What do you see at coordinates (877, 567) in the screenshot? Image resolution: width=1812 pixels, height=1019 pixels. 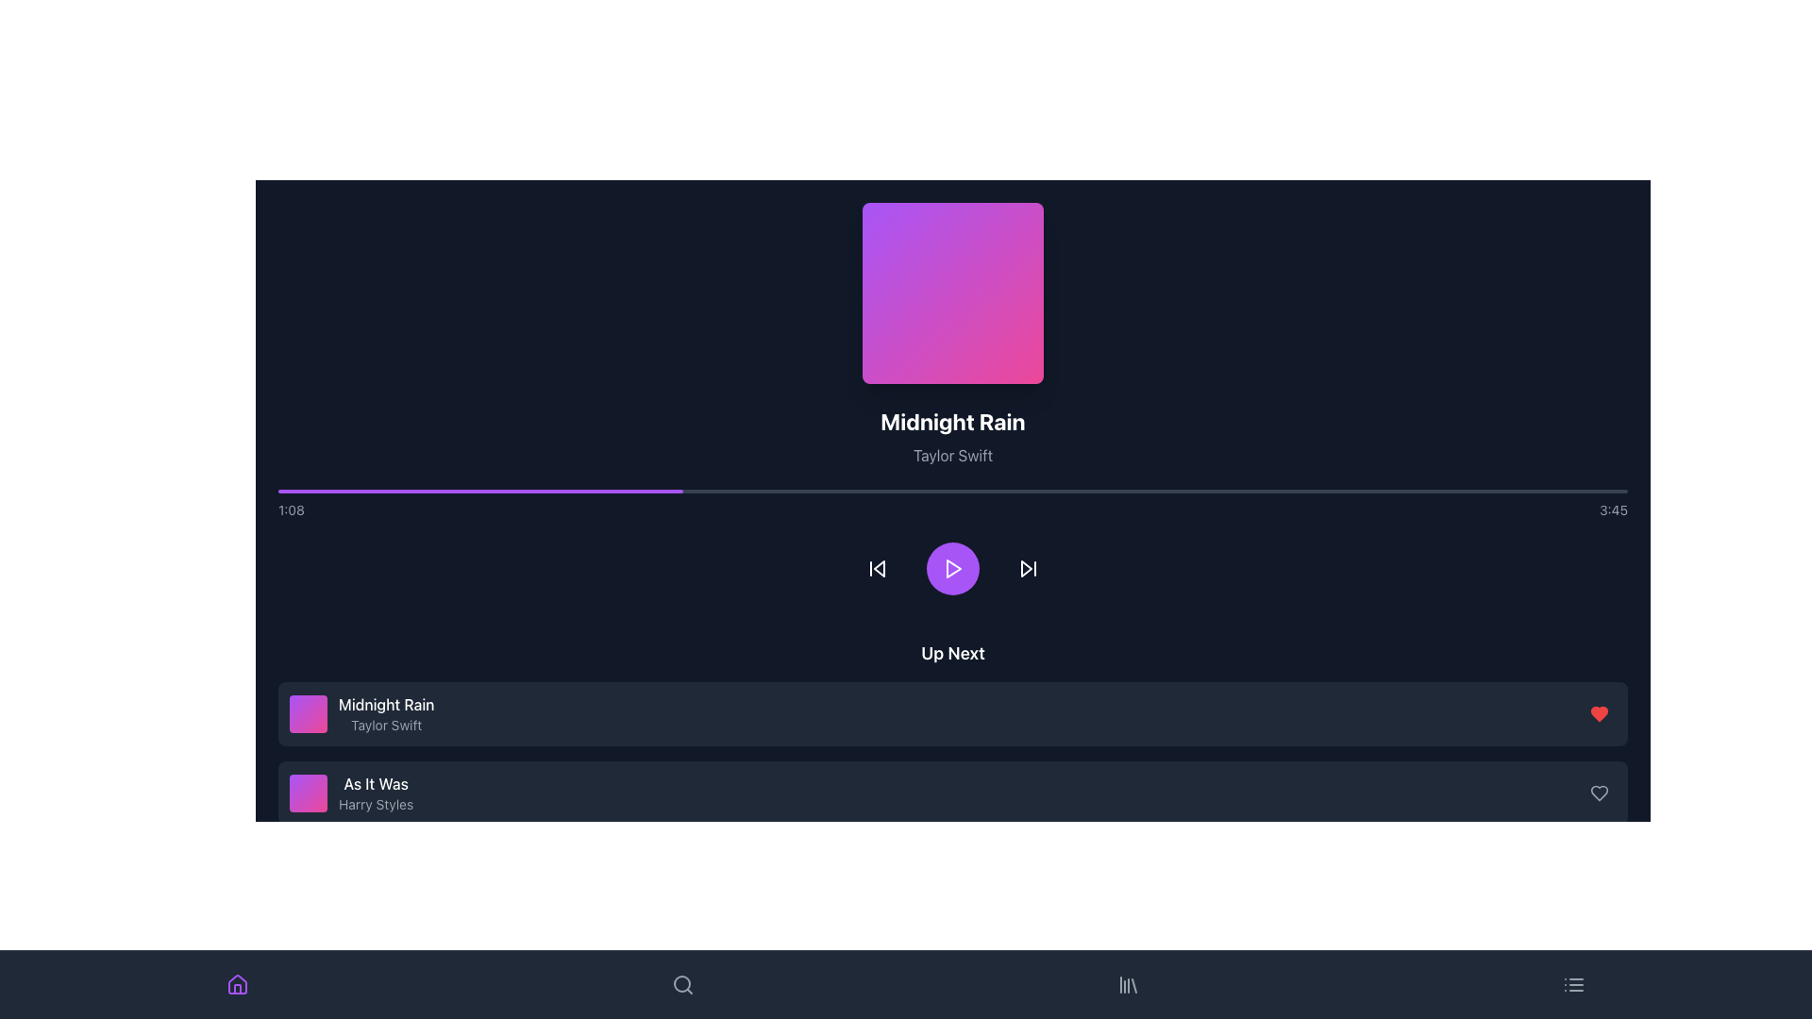 I see `the skip backward button located near the bottom-center of the interface, to the left of the circular play button` at bounding box center [877, 567].